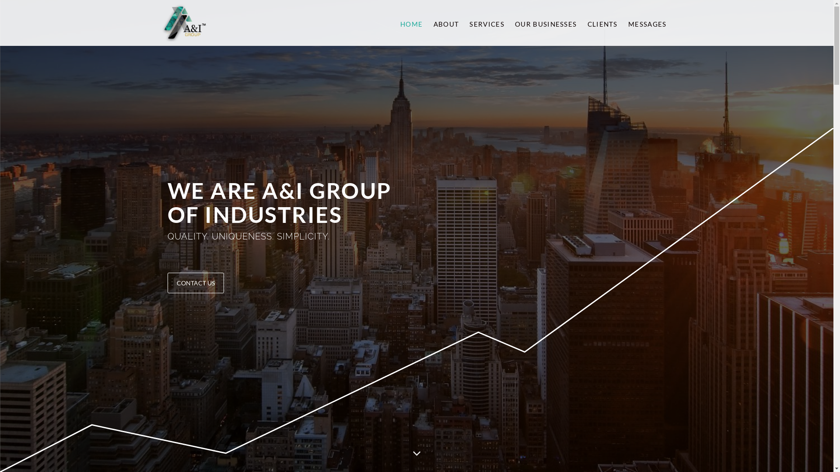 This screenshot has height=472, width=840. What do you see at coordinates (427, 22) in the screenshot?
I see `' ABOUT'` at bounding box center [427, 22].